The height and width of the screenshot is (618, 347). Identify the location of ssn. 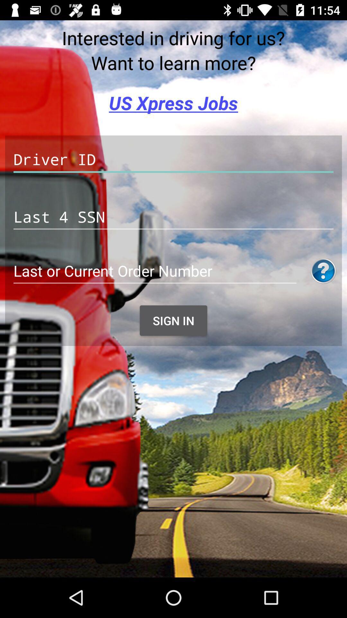
(173, 217).